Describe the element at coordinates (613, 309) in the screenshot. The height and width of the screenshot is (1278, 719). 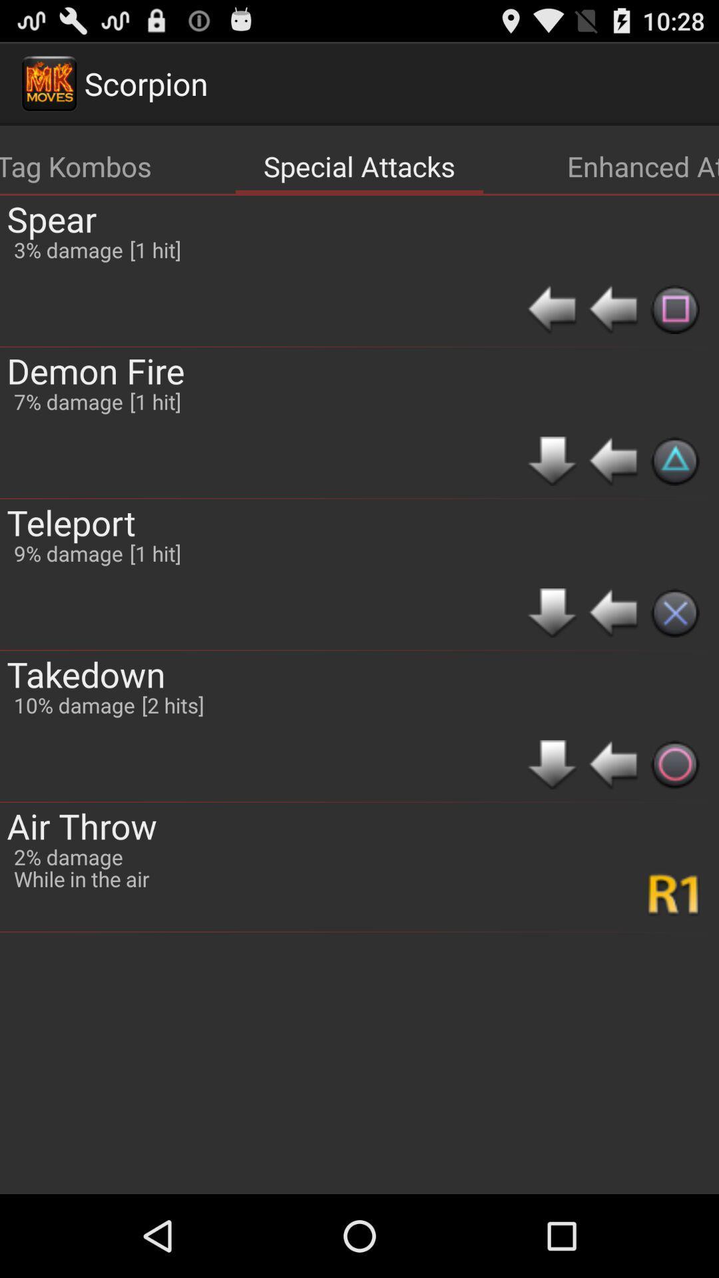
I see `item below the enhanced attacks icon` at that location.